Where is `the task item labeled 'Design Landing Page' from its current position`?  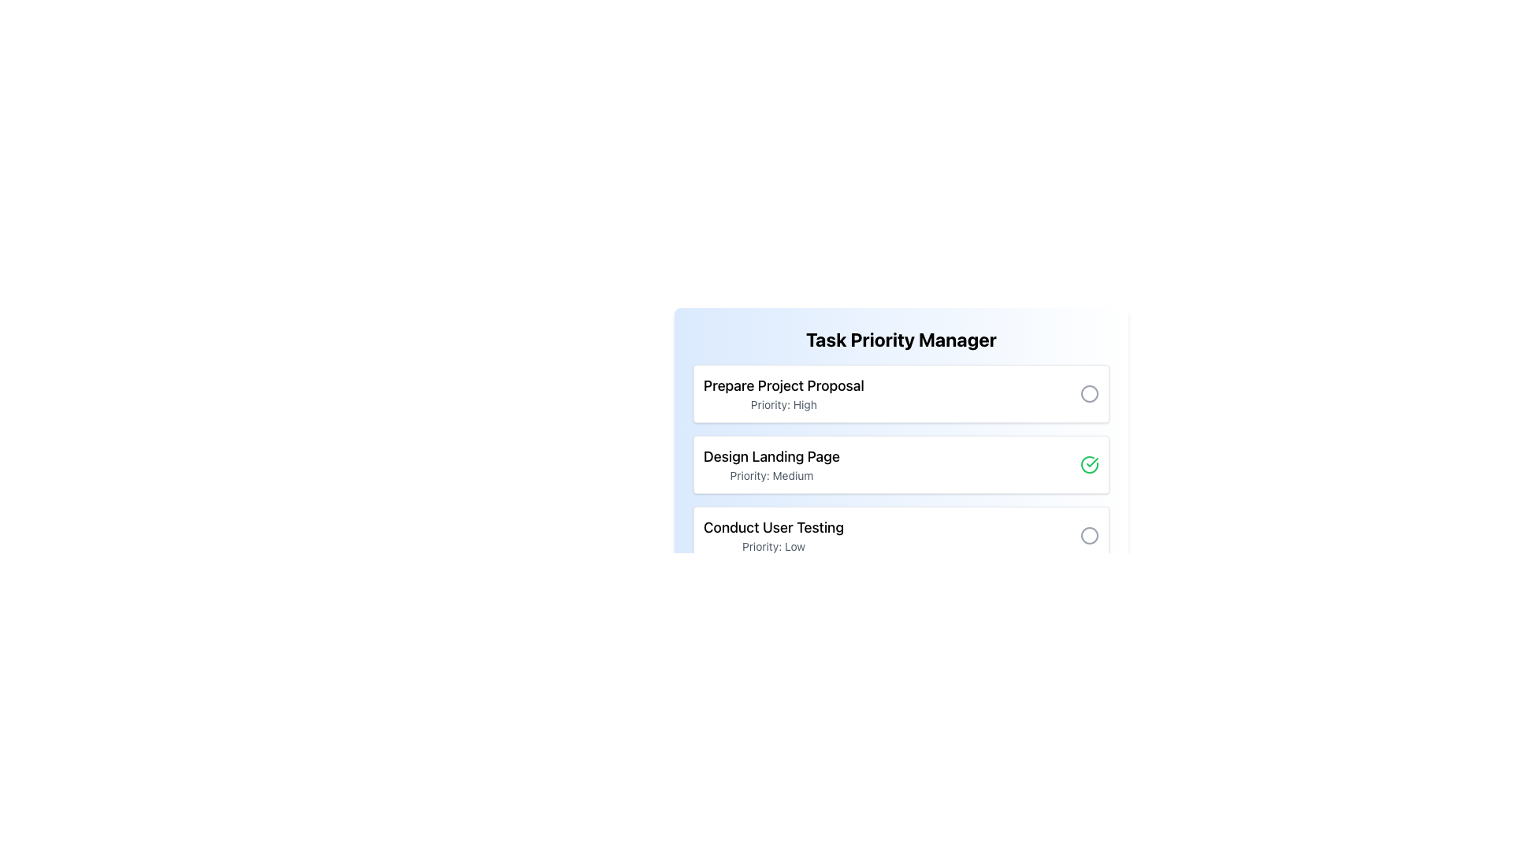
the task item labeled 'Design Landing Page' from its current position is located at coordinates (901, 464).